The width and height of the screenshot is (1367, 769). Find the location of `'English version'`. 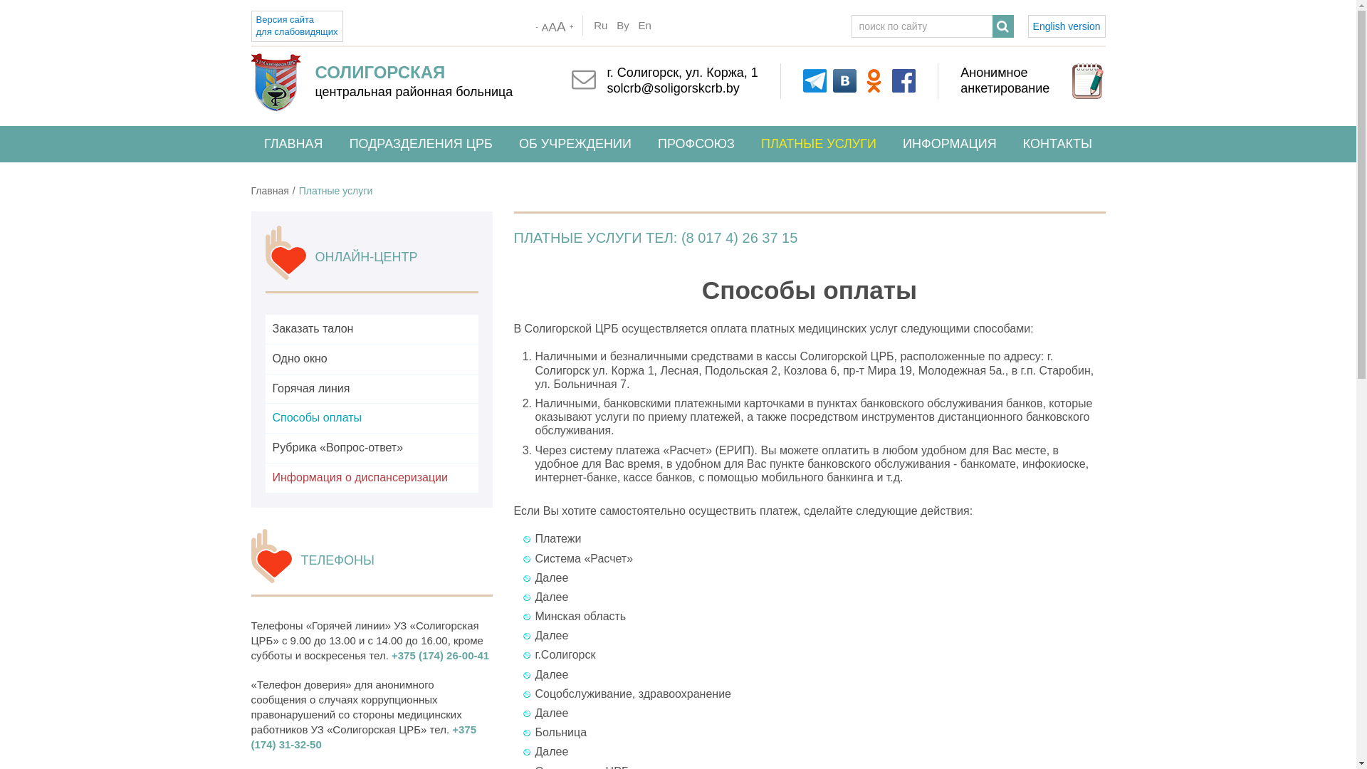

'English version' is located at coordinates (1032, 26).